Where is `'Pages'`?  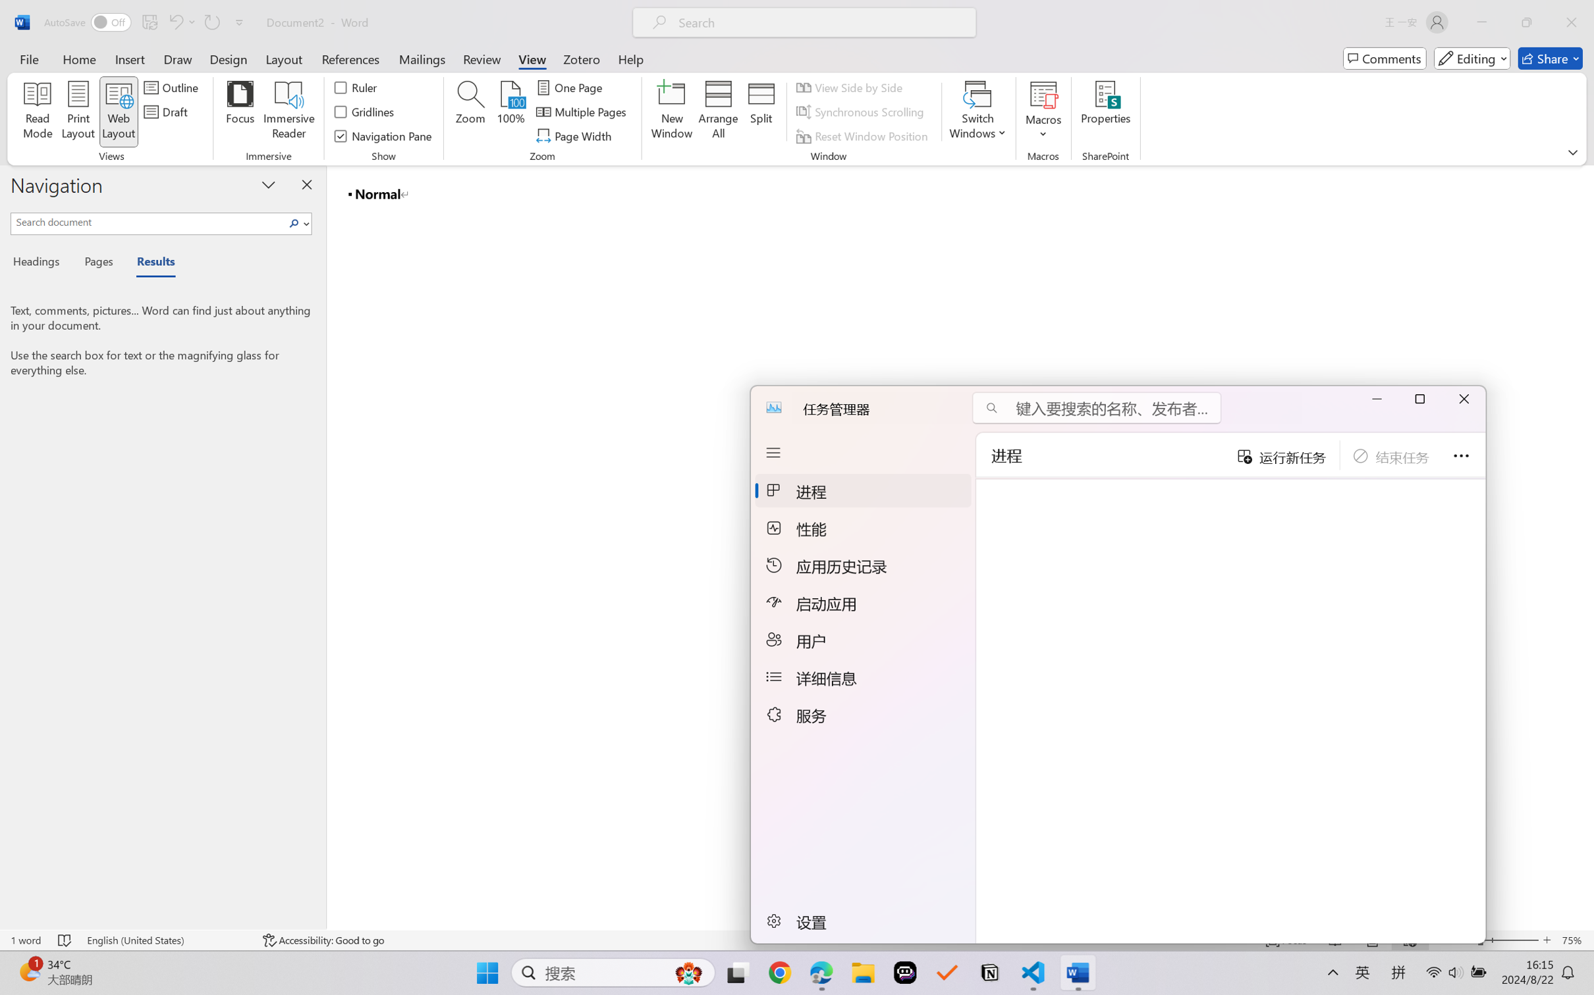
'Pages' is located at coordinates (97, 264).